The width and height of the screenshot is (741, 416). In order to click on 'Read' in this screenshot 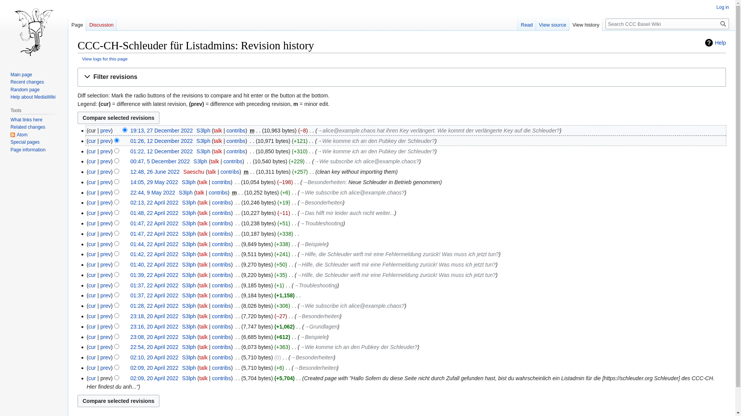, I will do `click(526, 23)`.